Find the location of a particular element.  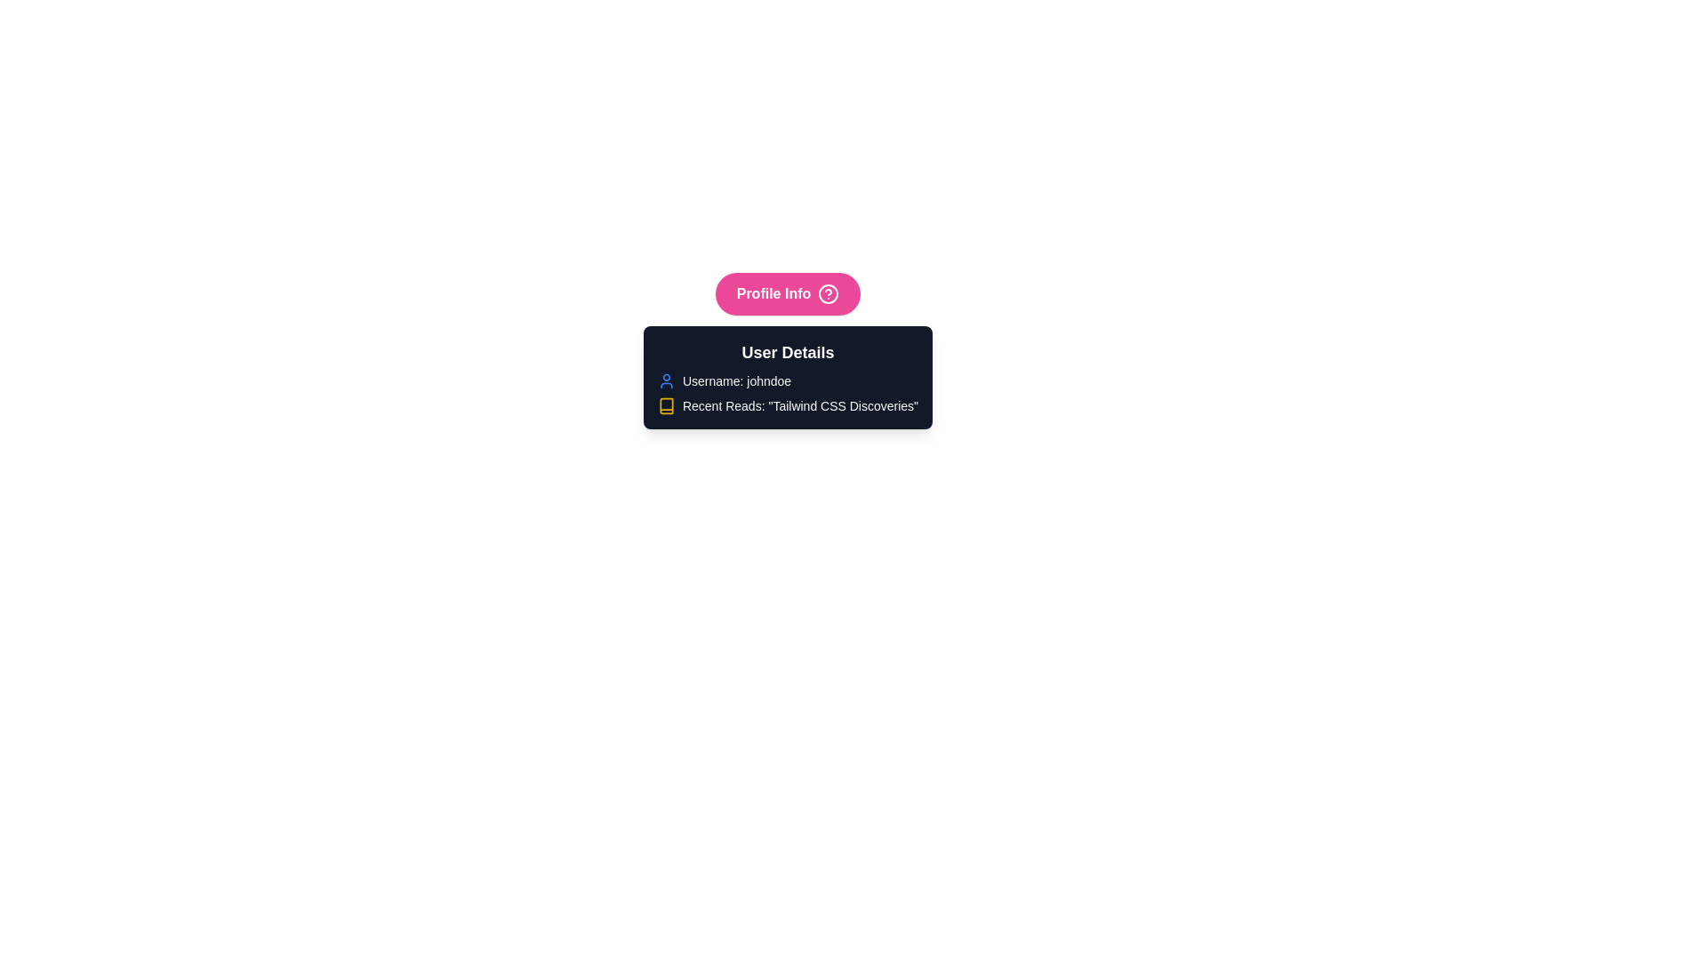

the username text label displayed in the 'User Details' panel, located next to the blue user icon, above the 'Recent Reads' line is located at coordinates (737, 380).